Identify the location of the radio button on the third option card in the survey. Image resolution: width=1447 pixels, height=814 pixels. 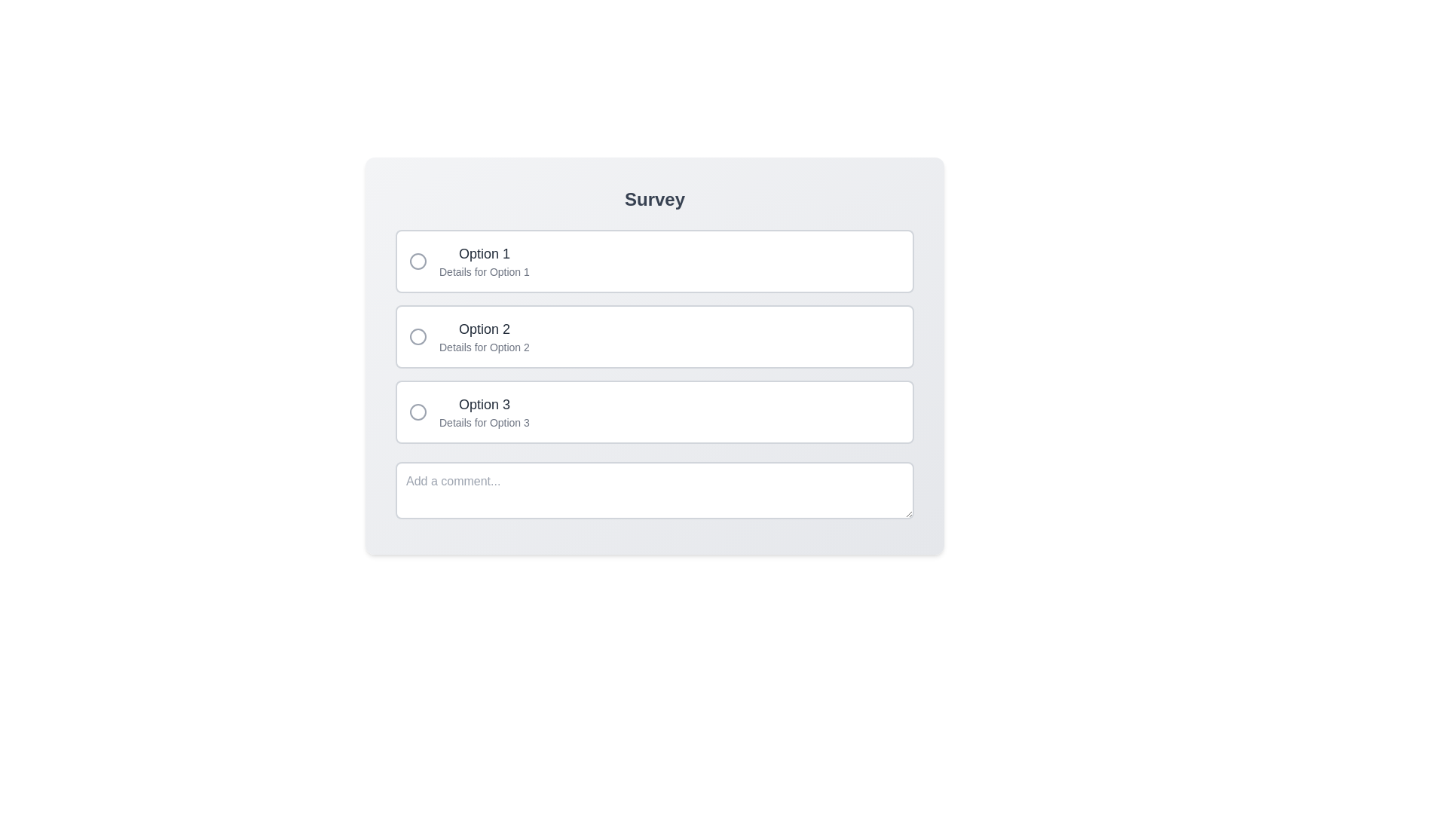
(654, 412).